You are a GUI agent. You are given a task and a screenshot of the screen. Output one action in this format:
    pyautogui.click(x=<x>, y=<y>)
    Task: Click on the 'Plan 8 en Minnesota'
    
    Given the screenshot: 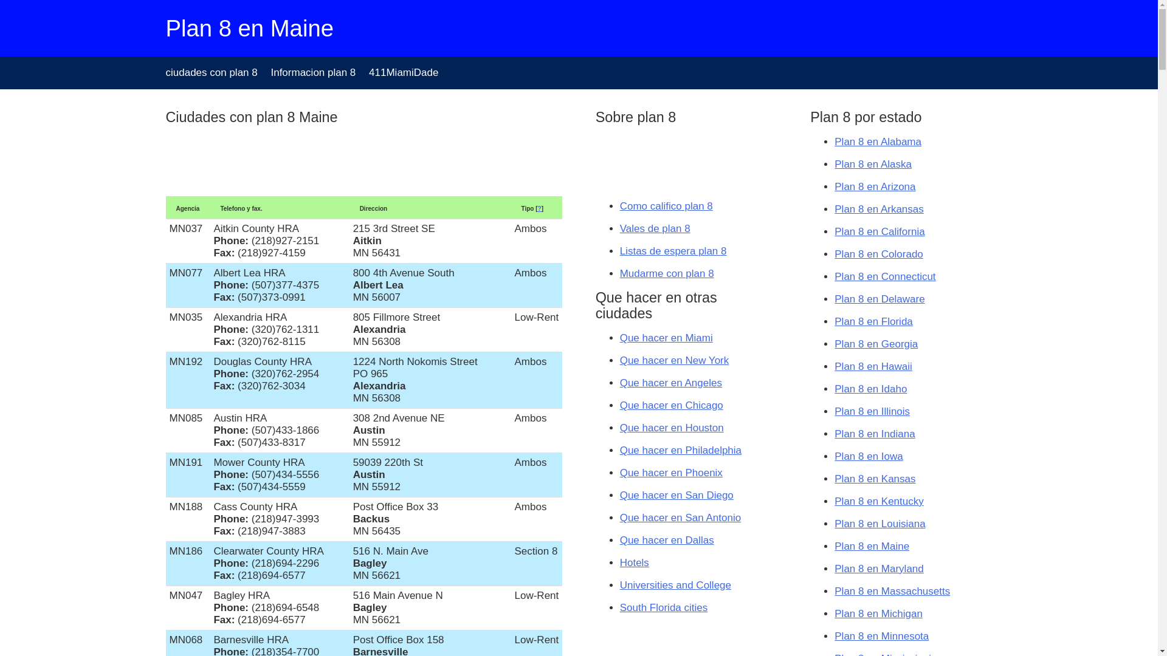 What is the action you would take?
    pyautogui.click(x=881, y=635)
    